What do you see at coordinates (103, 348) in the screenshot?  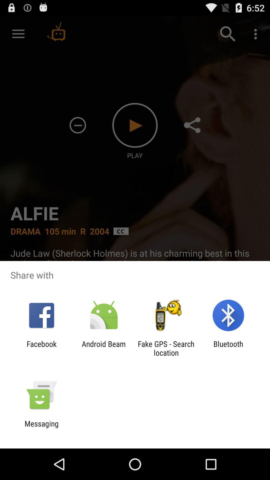 I see `android beam app` at bounding box center [103, 348].